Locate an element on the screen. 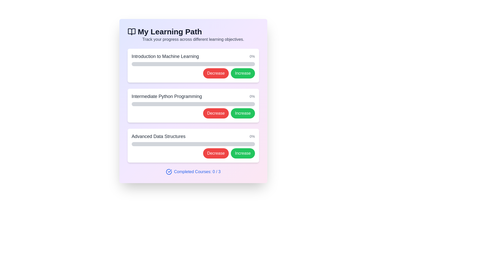  the green 'Increase' button in the Horizontal button group at the bottom-right corner of the 'Advanced Data Structures' card to increment the progress is located at coordinates (193, 153).